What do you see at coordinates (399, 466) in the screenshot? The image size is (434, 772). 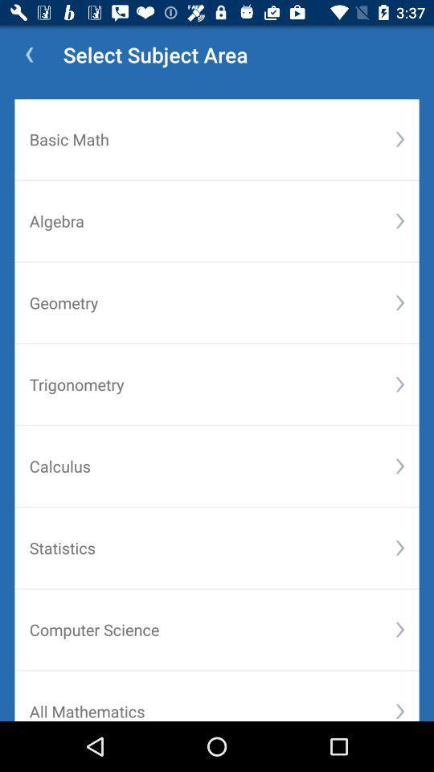 I see `the item above statistics icon` at bounding box center [399, 466].